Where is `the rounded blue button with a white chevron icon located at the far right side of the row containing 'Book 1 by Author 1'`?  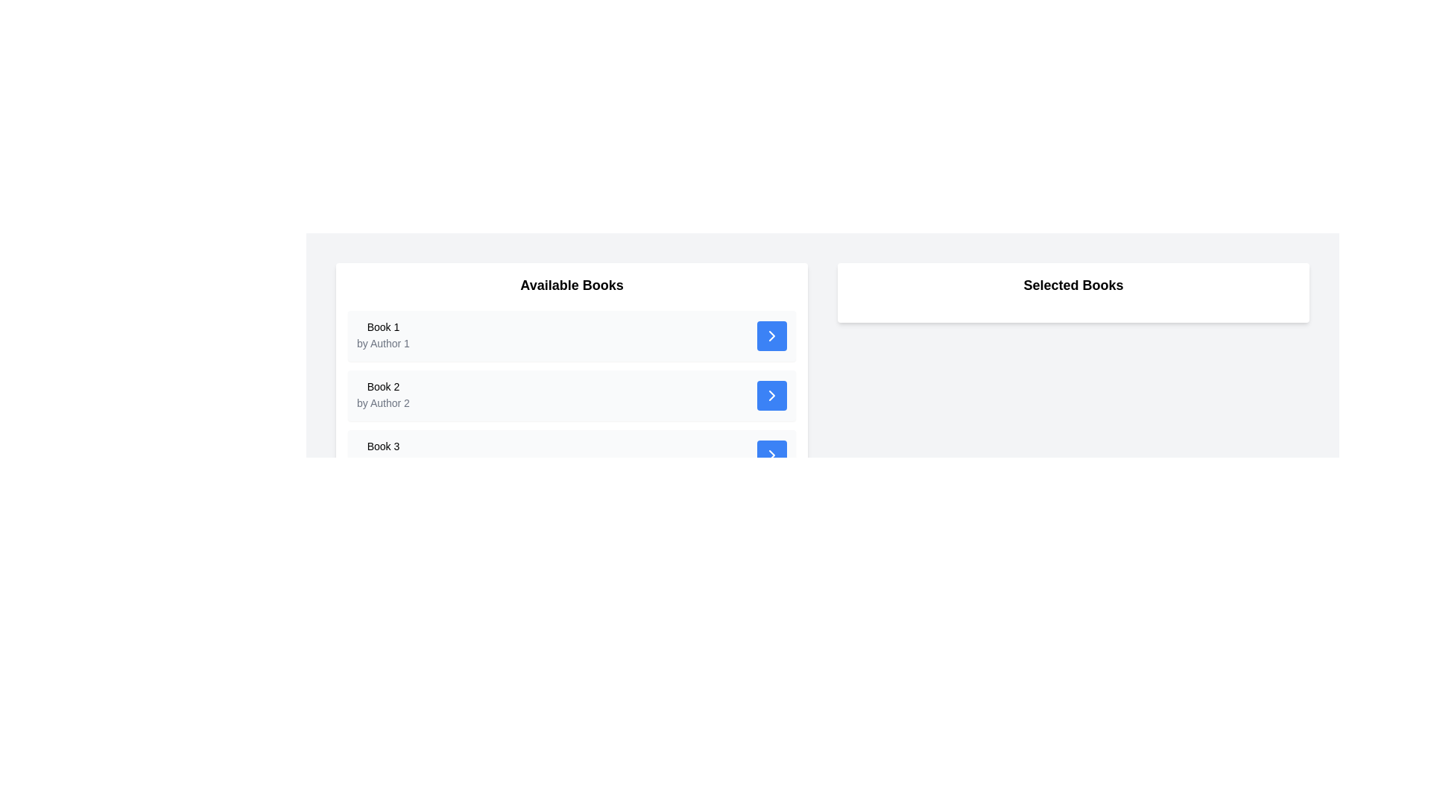
the rounded blue button with a white chevron icon located at the far right side of the row containing 'Book 1 by Author 1' is located at coordinates (772, 336).